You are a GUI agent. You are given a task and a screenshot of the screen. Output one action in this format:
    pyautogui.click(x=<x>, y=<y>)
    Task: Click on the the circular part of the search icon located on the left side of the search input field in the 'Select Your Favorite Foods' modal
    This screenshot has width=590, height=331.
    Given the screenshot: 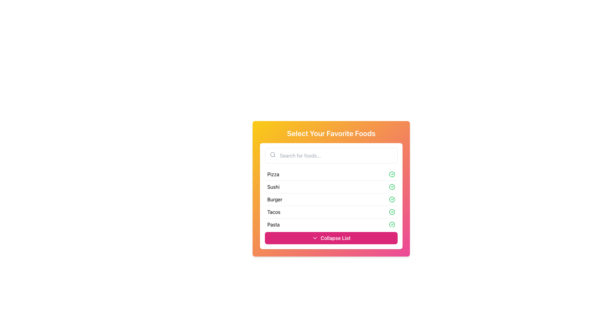 What is the action you would take?
    pyautogui.click(x=272, y=154)
    